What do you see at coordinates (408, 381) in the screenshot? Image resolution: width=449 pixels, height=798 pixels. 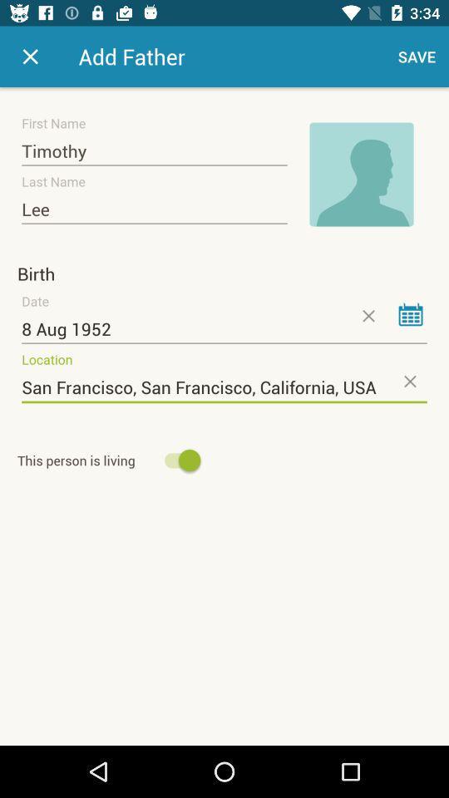 I see `the close icon` at bounding box center [408, 381].